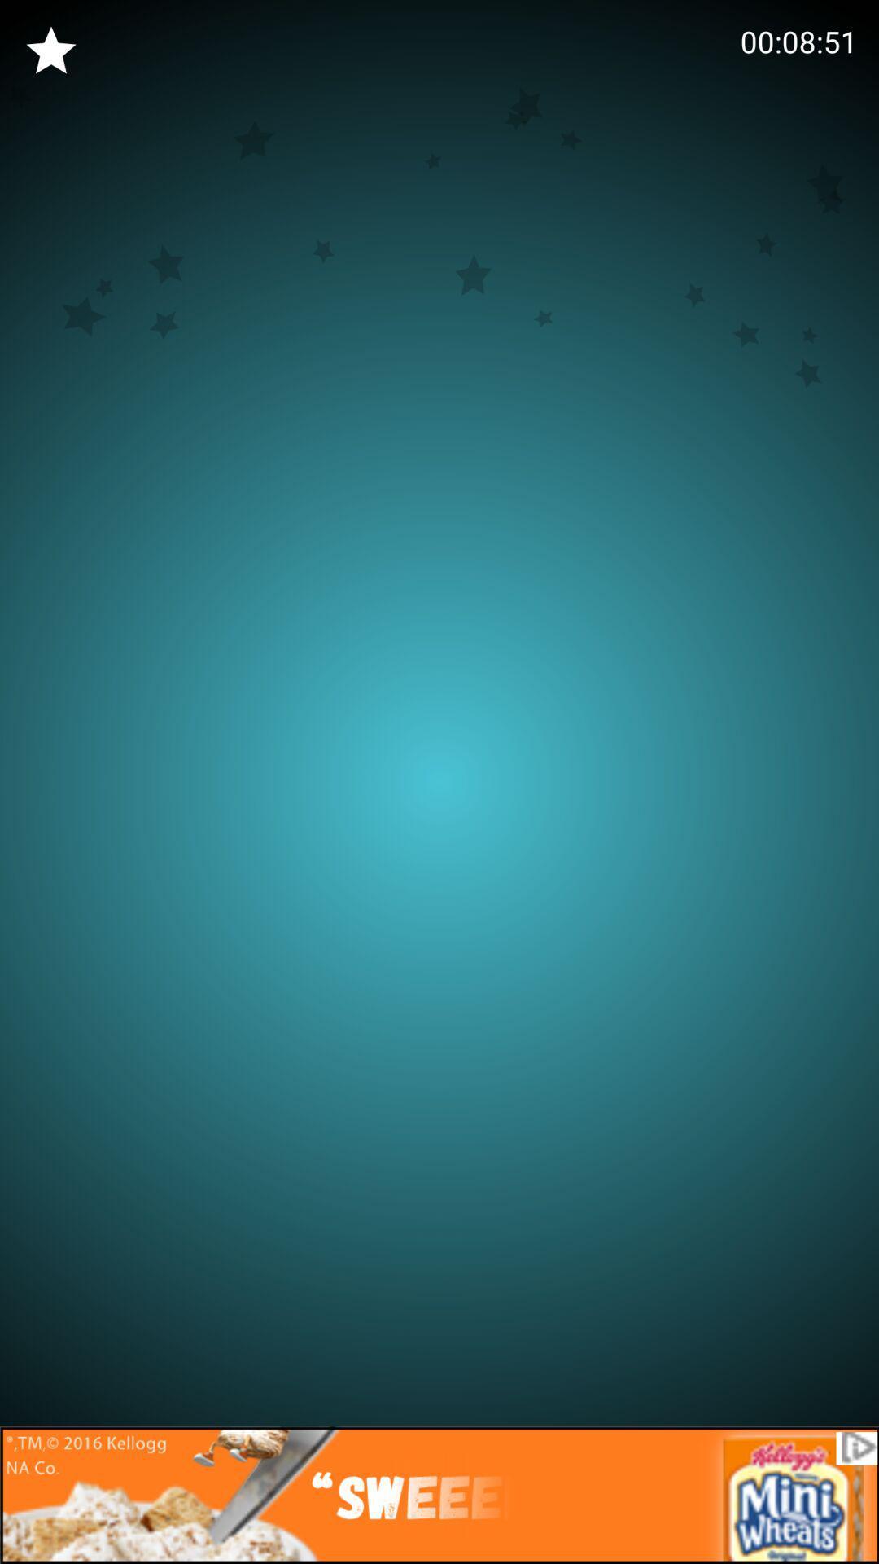 The height and width of the screenshot is (1564, 879). What do you see at coordinates (50, 51) in the screenshot?
I see `the star icon` at bounding box center [50, 51].